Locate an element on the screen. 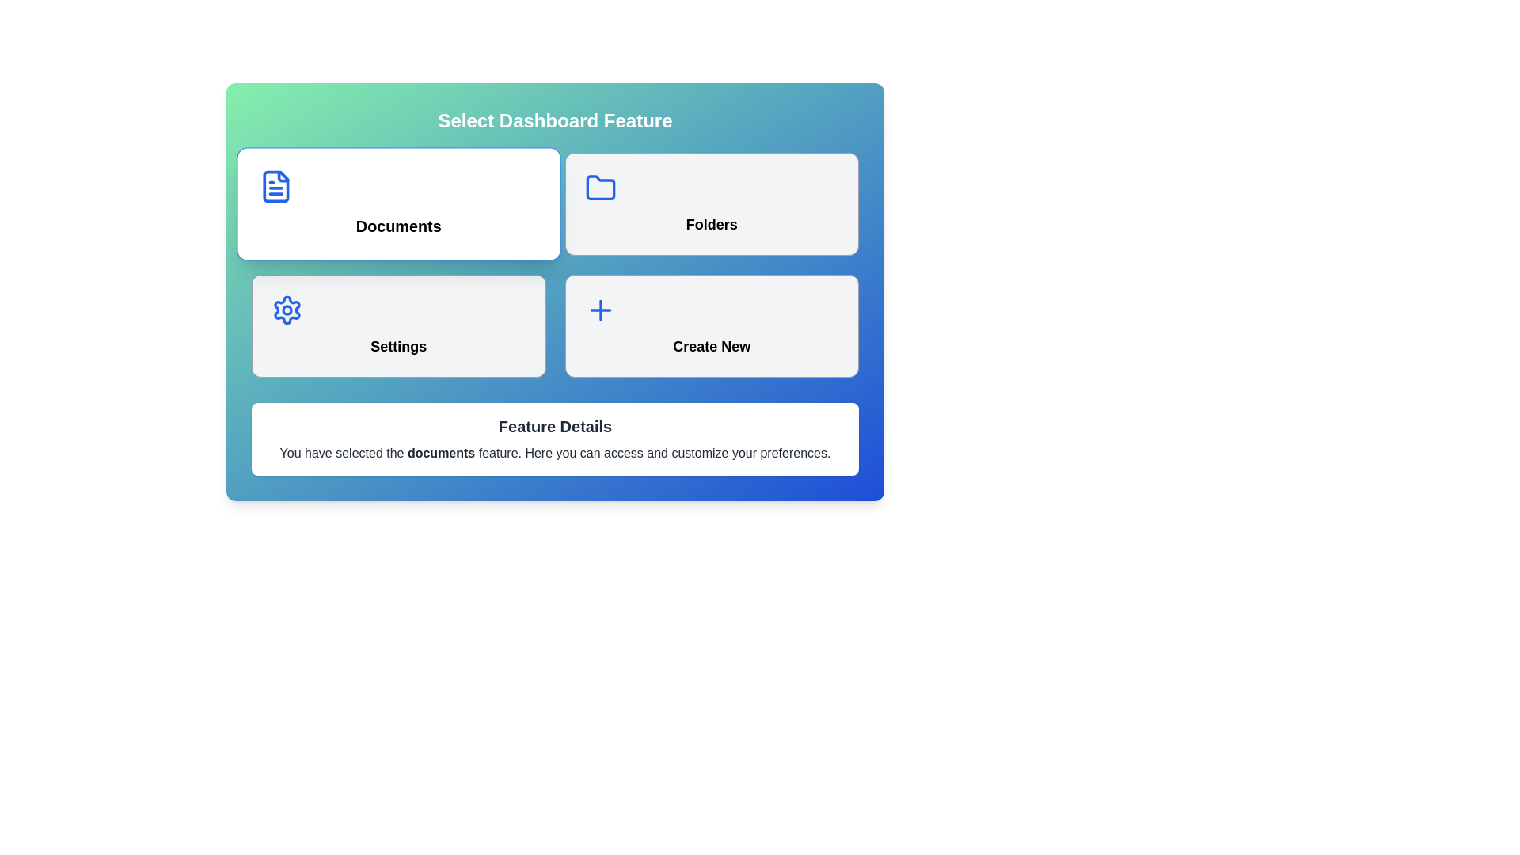  the decorative SVG circle element that is part of the 'Settings' button in the dashboard feature selection menu, located in the lower-left slot of the four main buttons is located at coordinates (287, 310).